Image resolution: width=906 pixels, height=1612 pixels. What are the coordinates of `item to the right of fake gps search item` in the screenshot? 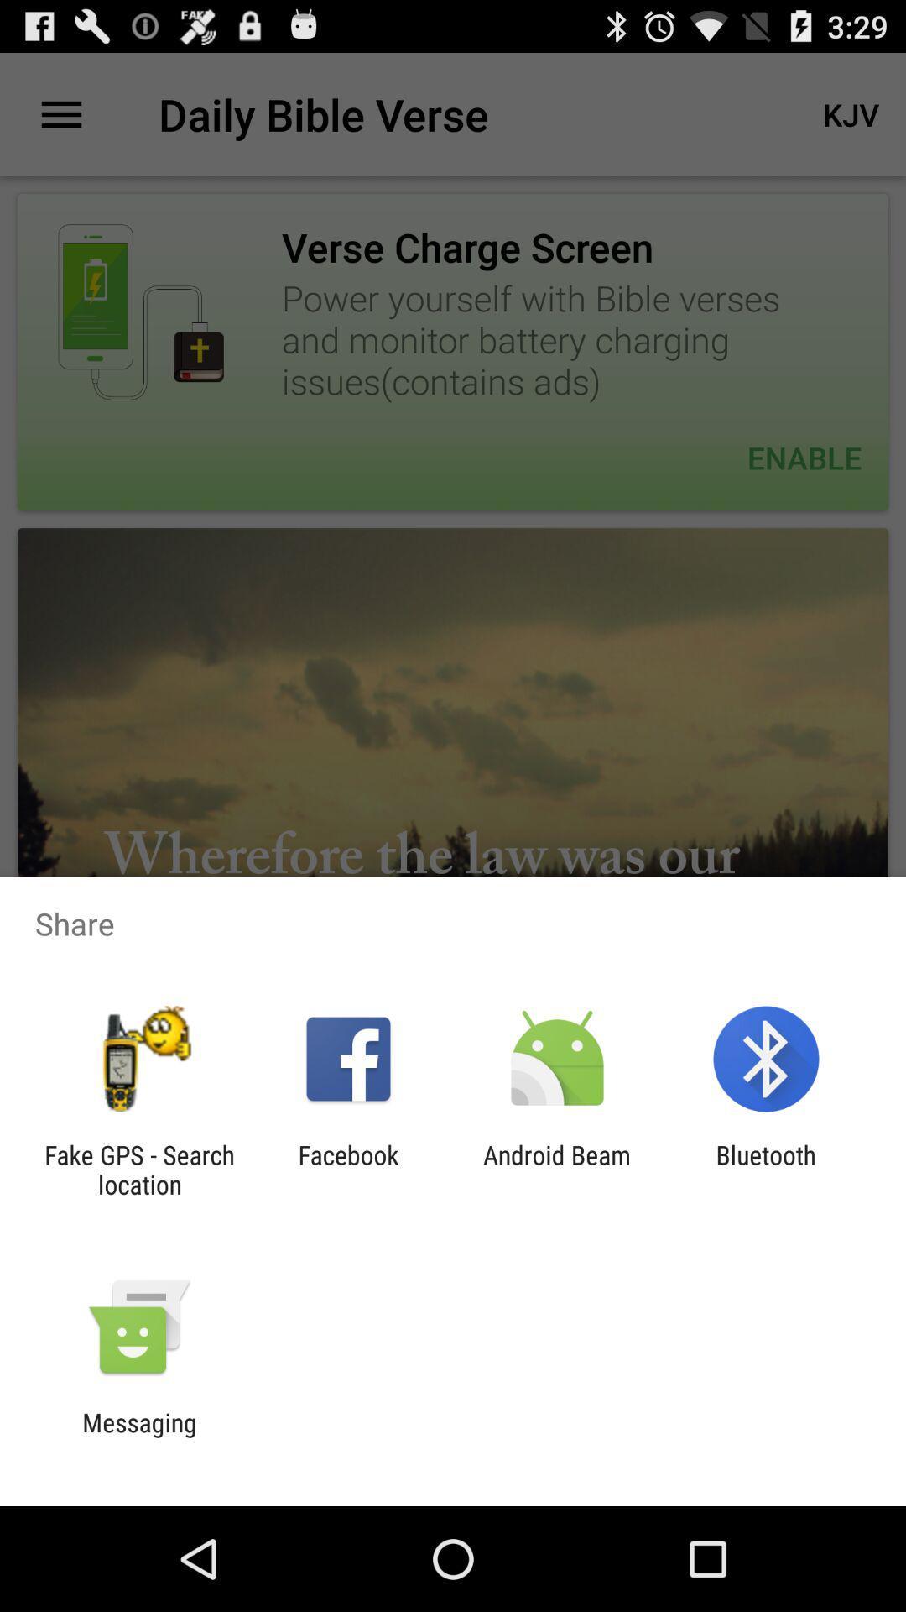 It's located at (347, 1169).